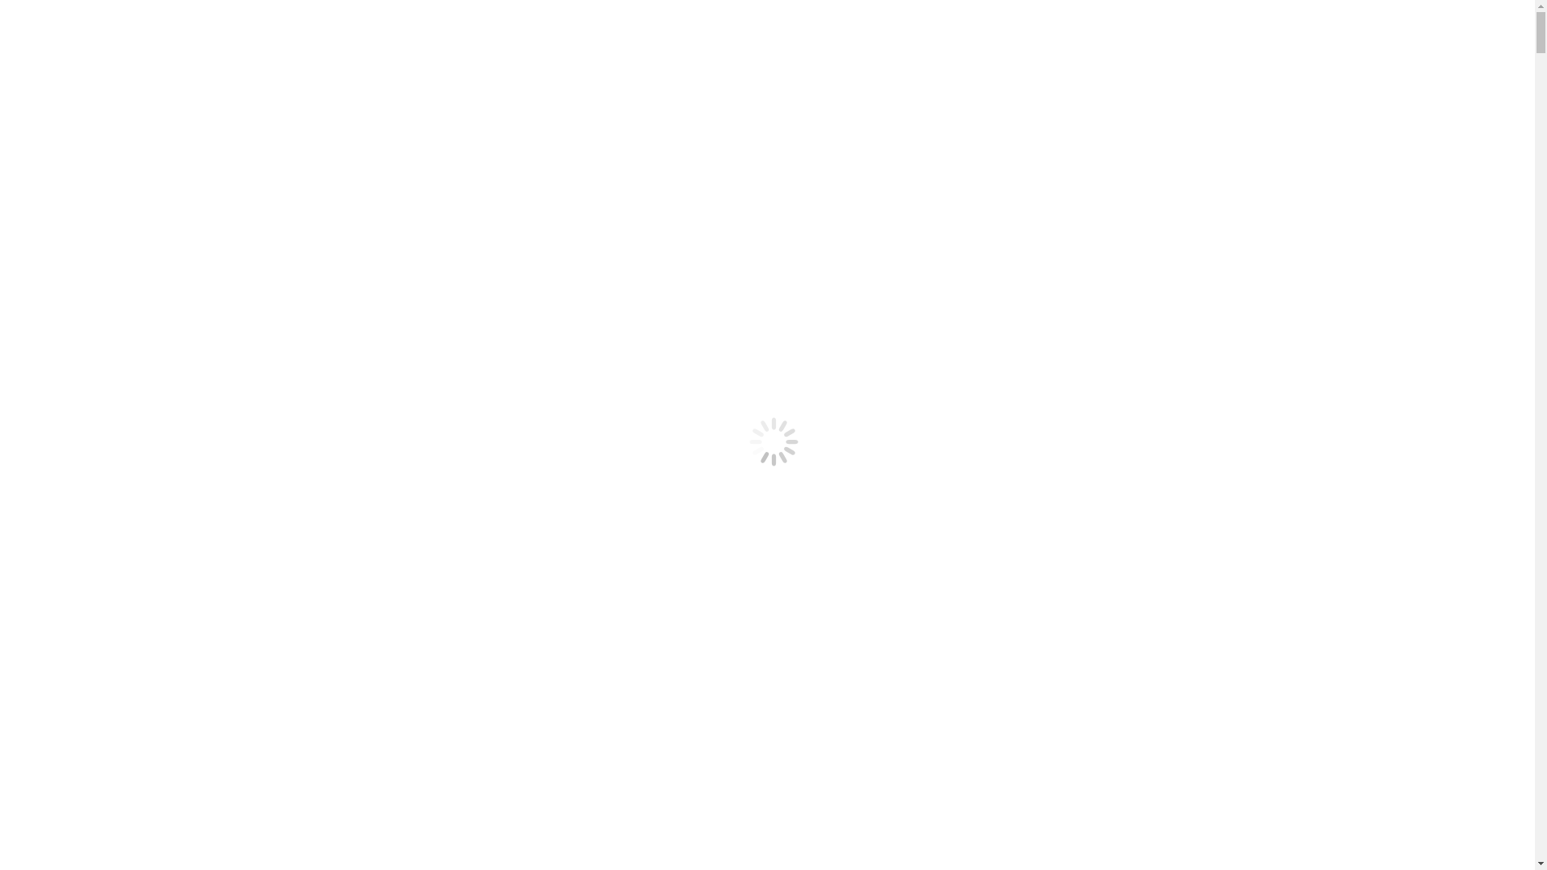 The width and height of the screenshot is (1547, 870). What do you see at coordinates (273, 693) in the screenshot?
I see `'media@yot.org.au'` at bounding box center [273, 693].